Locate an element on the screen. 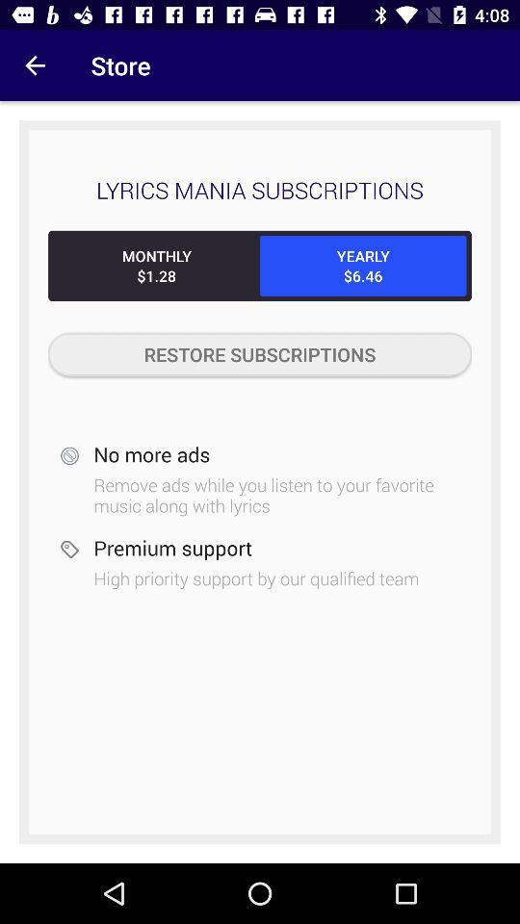 This screenshot has height=924, width=520. the icon below lyrics mania subscriptions item is located at coordinates (155, 265).